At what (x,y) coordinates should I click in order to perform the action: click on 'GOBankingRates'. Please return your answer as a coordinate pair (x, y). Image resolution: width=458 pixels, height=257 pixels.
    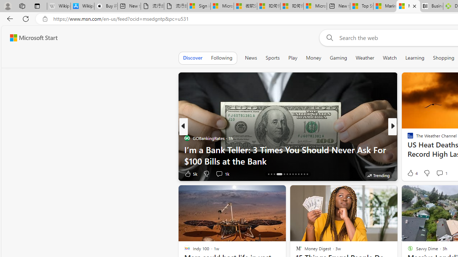
    Looking at the image, I should click on (187, 138).